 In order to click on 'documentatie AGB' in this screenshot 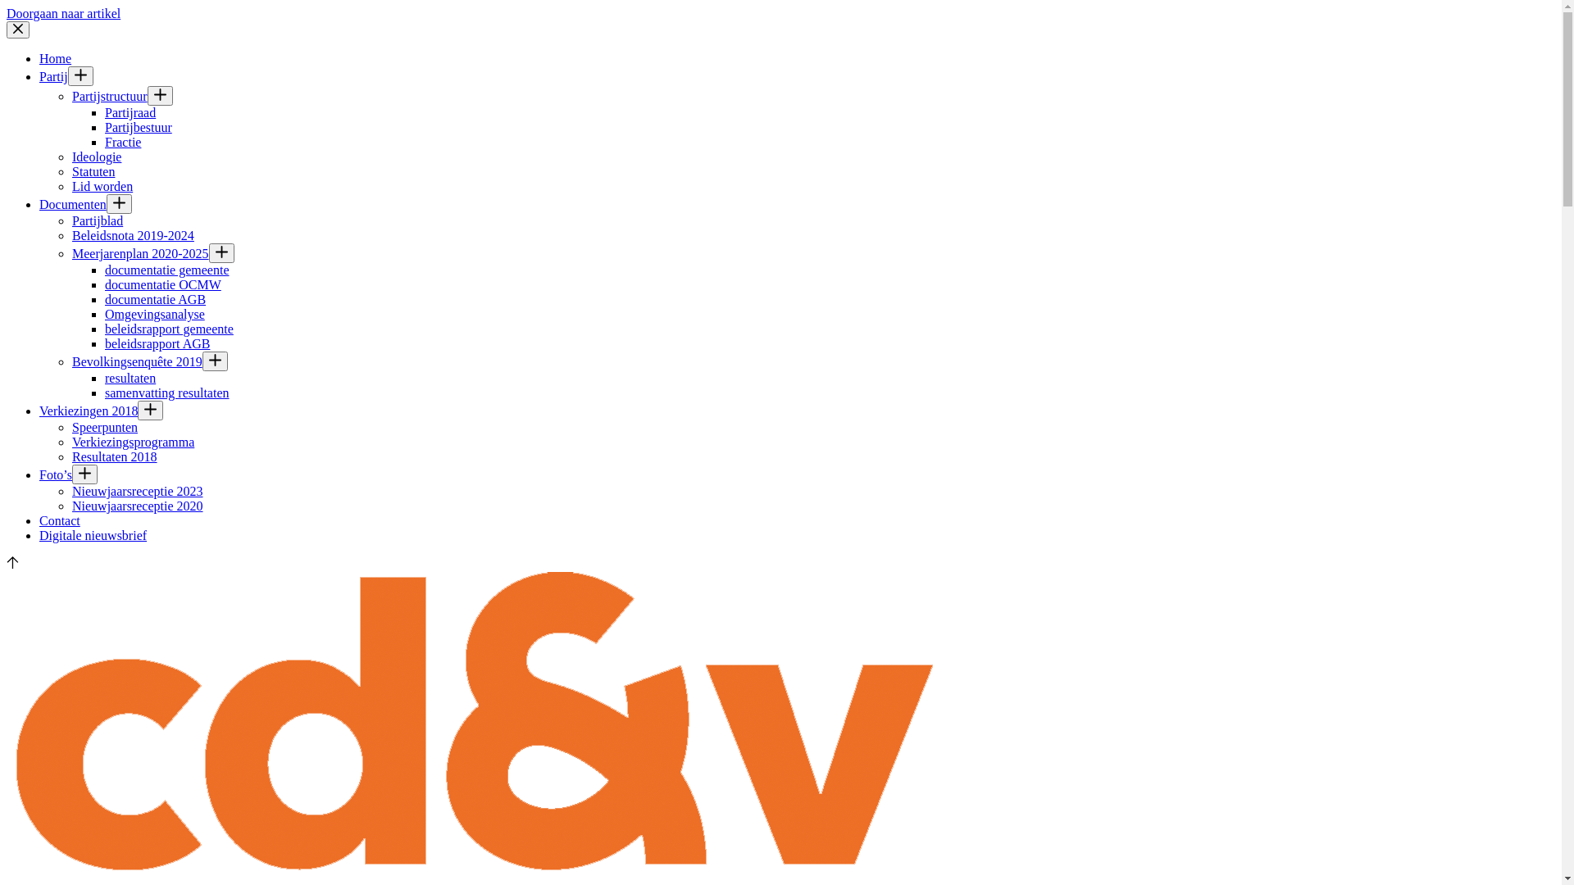, I will do `click(155, 299)`.